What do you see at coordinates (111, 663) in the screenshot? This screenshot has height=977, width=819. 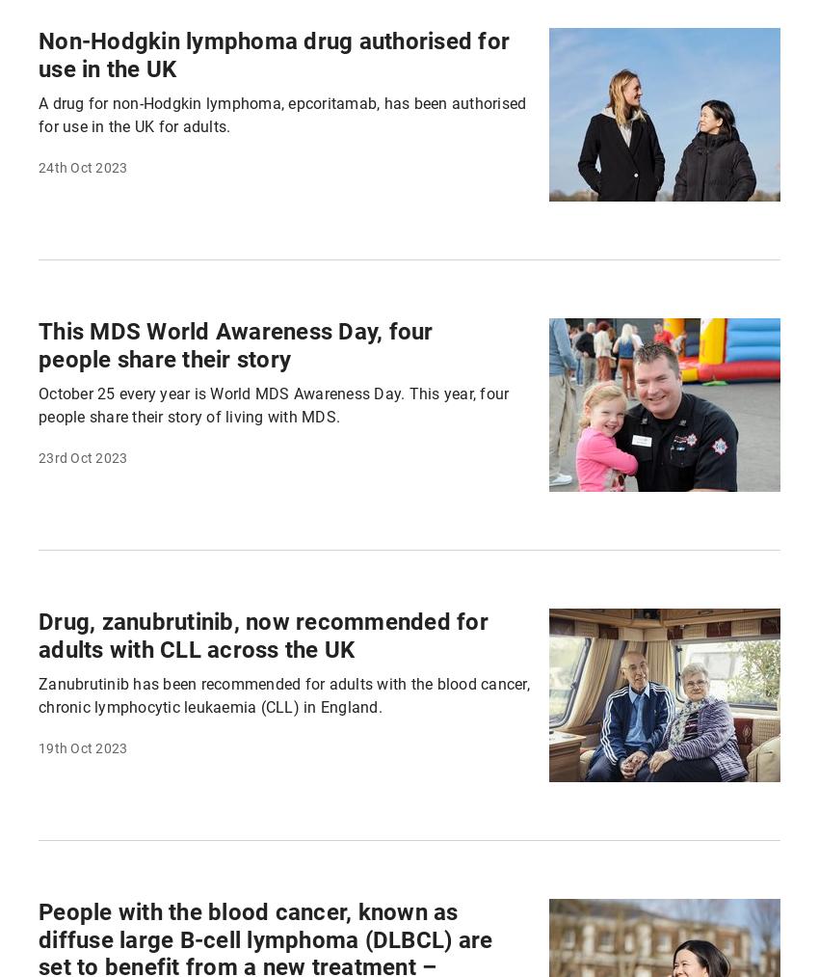 I see `'Donate'` at bounding box center [111, 663].